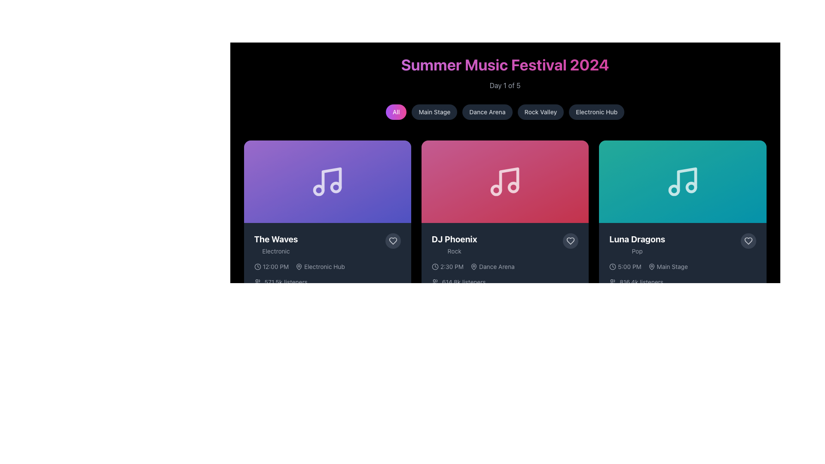  What do you see at coordinates (435, 266) in the screenshot?
I see `the clock icon with a thin outline located to the left of the text '2:30 PM' in the event card labeled 'DJ Phoenix'` at bounding box center [435, 266].